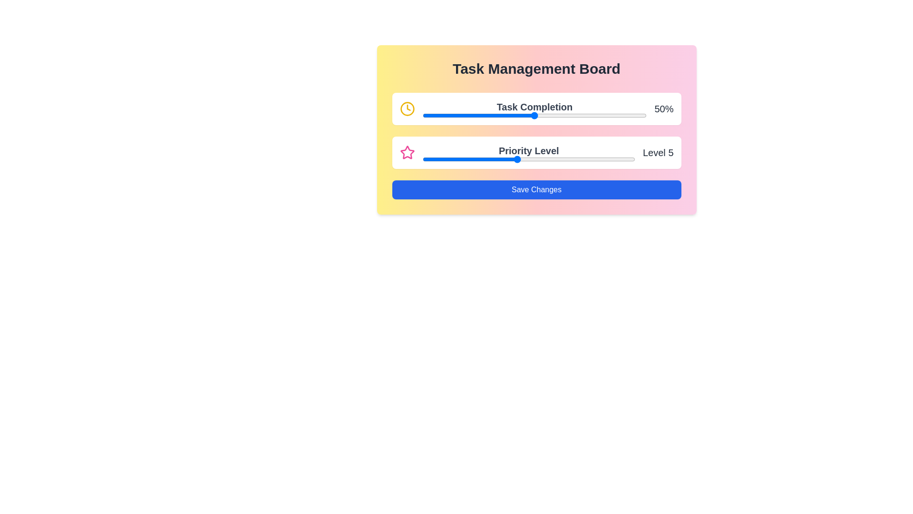 The width and height of the screenshot is (913, 514). Describe the element at coordinates (456, 113) in the screenshot. I see `task completion` at that location.